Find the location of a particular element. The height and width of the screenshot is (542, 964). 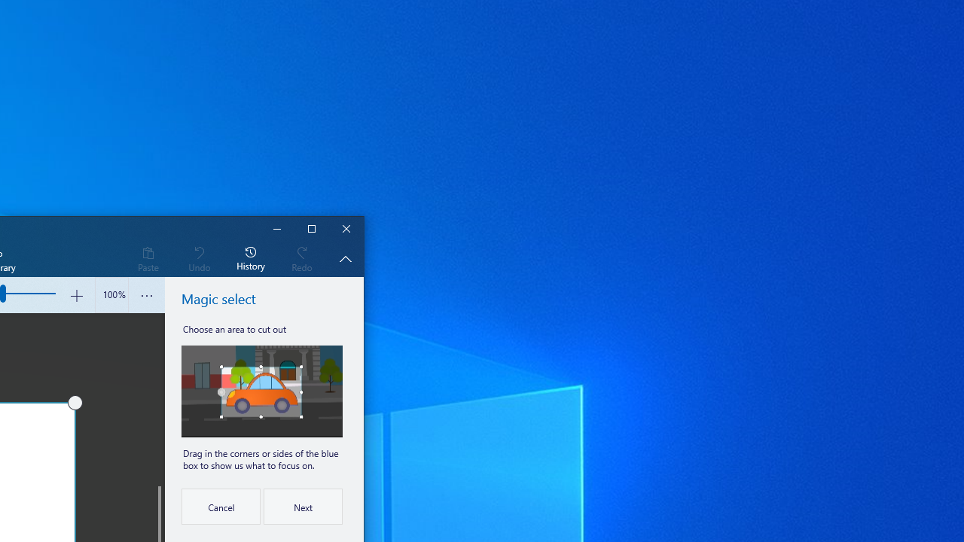

'Zoom slider' is located at coordinates (111, 295).